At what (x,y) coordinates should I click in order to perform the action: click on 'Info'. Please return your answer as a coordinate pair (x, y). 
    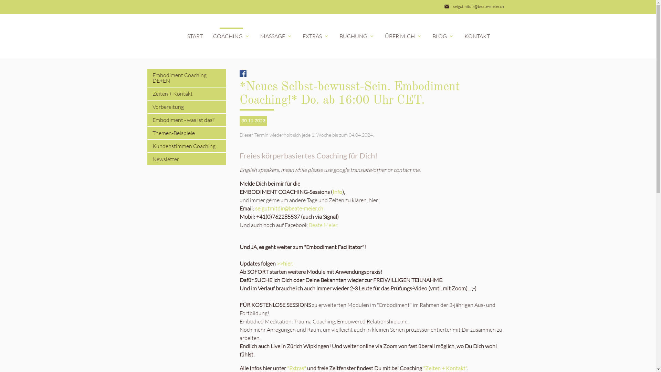
    Looking at the image, I should click on (337, 192).